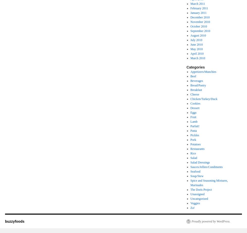  What do you see at coordinates (195, 108) in the screenshot?
I see `'Dessert'` at bounding box center [195, 108].